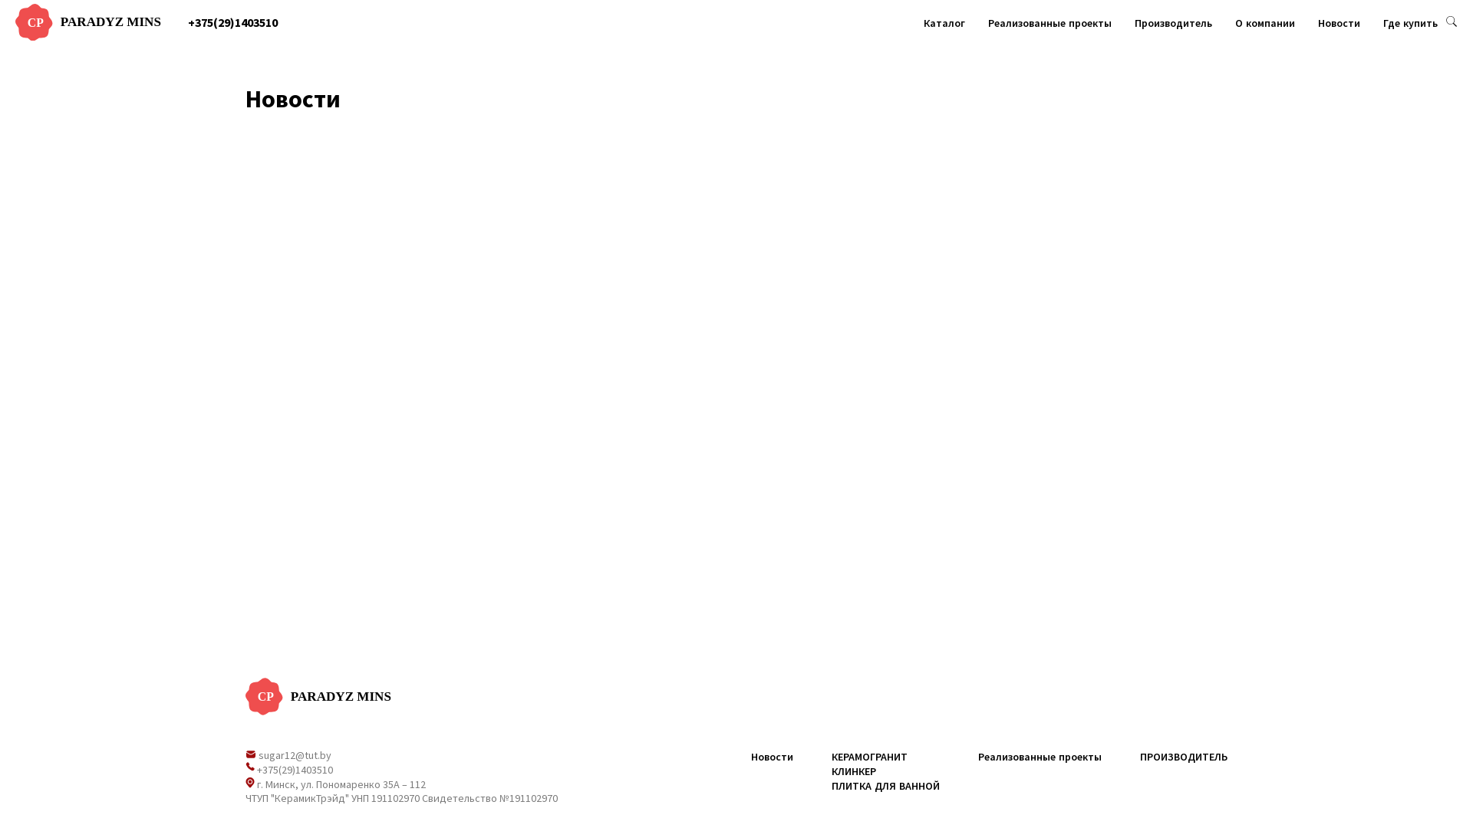 The height and width of the screenshot is (828, 1473). Describe the element at coordinates (295, 754) in the screenshot. I see `'sugar12@tut.by'` at that location.